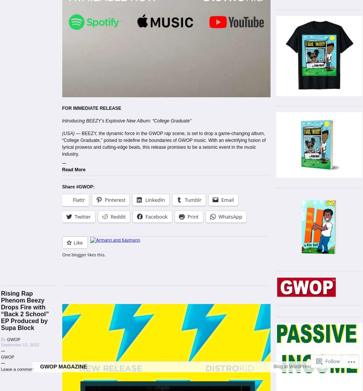 This screenshot has width=363, height=391. Describe the element at coordinates (83, 216) in the screenshot. I see `'Twitter'` at that location.